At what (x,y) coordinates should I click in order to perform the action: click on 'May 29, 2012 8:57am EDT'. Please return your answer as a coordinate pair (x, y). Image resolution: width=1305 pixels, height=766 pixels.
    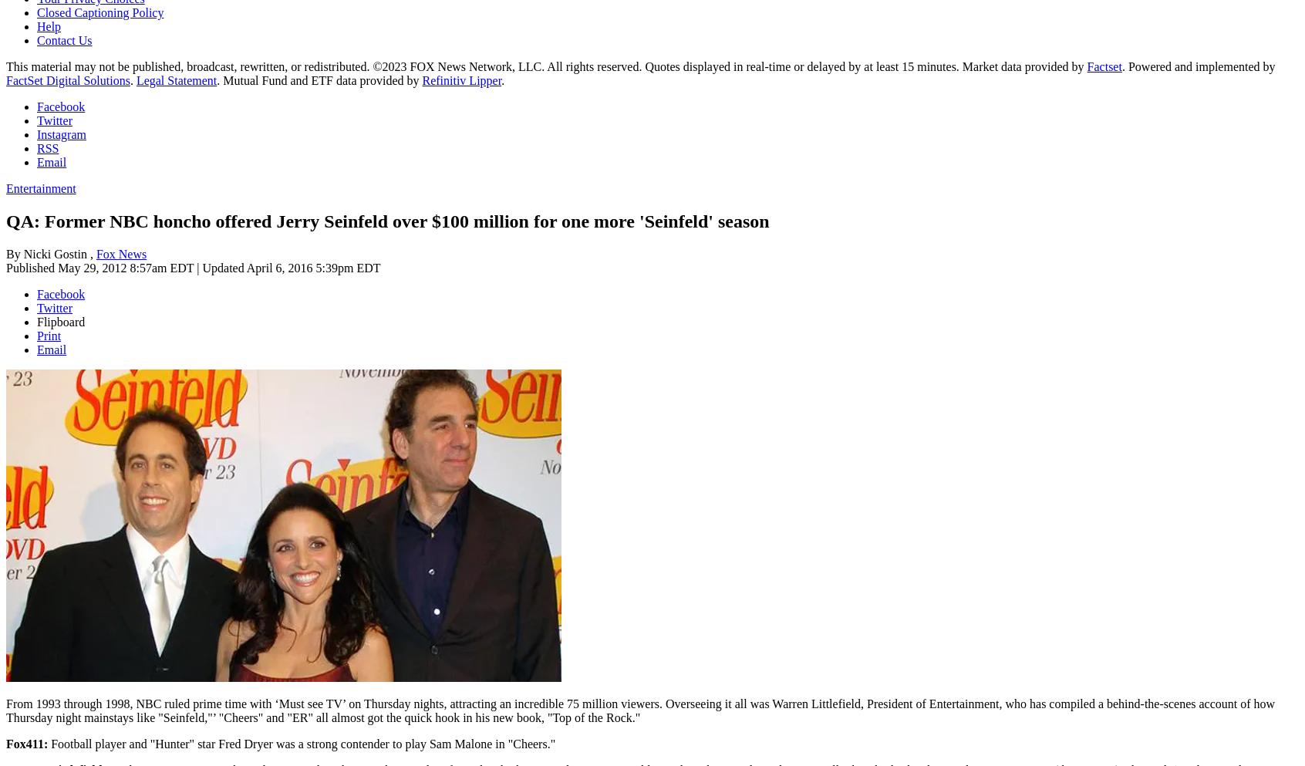
    Looking at the image, I should click on (57, 267).